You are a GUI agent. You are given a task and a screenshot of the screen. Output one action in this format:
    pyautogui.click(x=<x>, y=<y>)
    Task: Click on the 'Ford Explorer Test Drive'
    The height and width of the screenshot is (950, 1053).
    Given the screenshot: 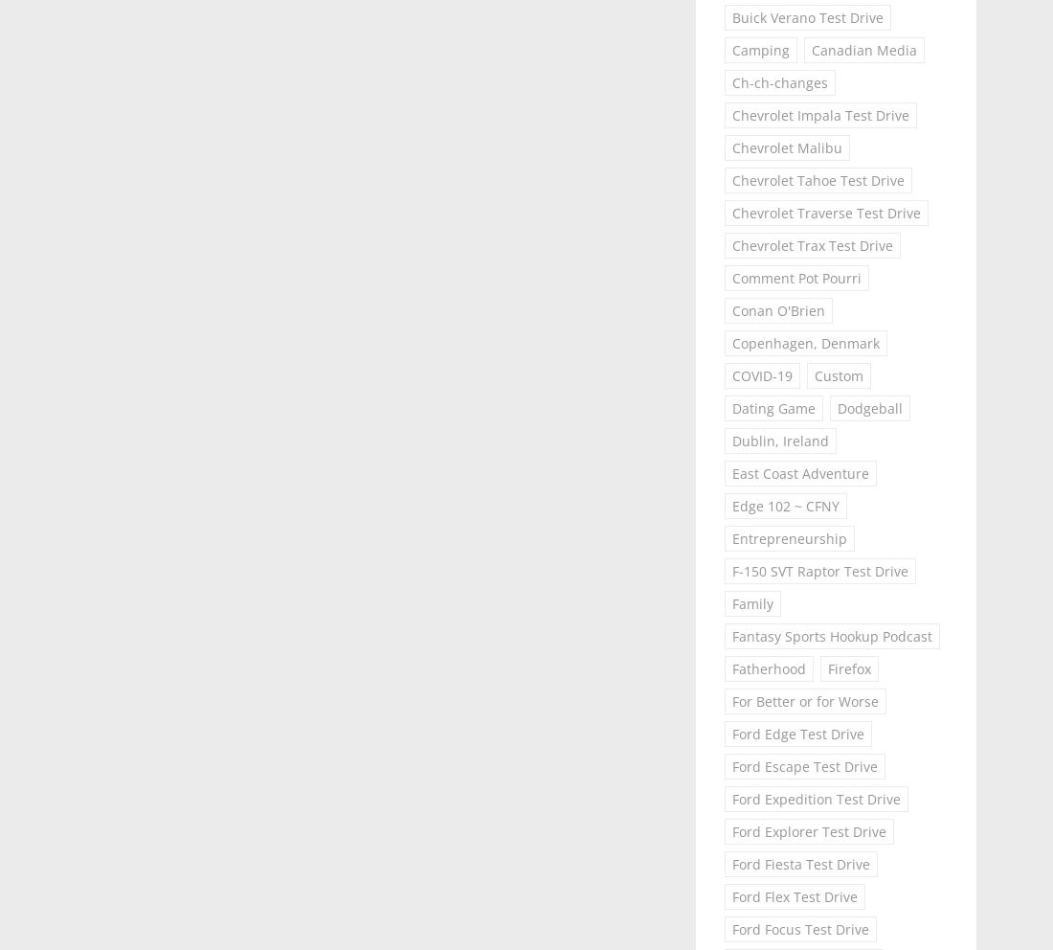 What is the action you would take?
    pyautogui.click(x=807, y=830)
    